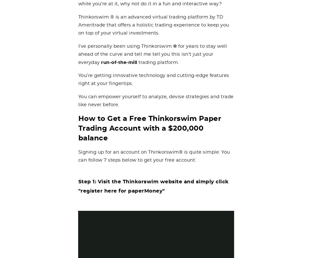  Describe the element at coordinates (156, 101) in the screenshot. I see `'You can empower yourself to analyze, devise strategies and trade like never before.'` at that location.